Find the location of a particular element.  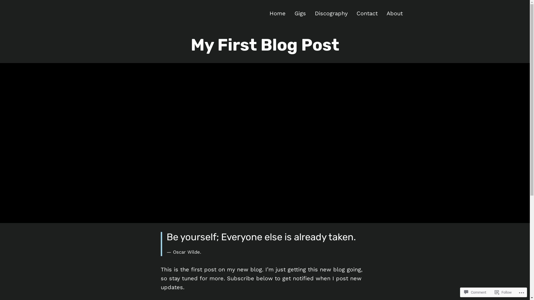

'Contact' is located at coordinates (367, 13).